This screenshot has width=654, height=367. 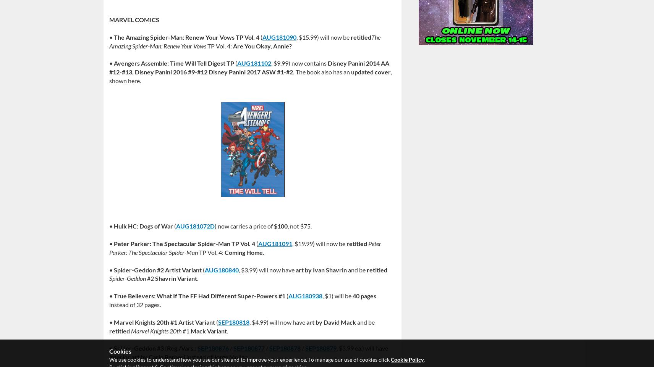 I want to click on 'SEP180877', so click(x=233, y=348).